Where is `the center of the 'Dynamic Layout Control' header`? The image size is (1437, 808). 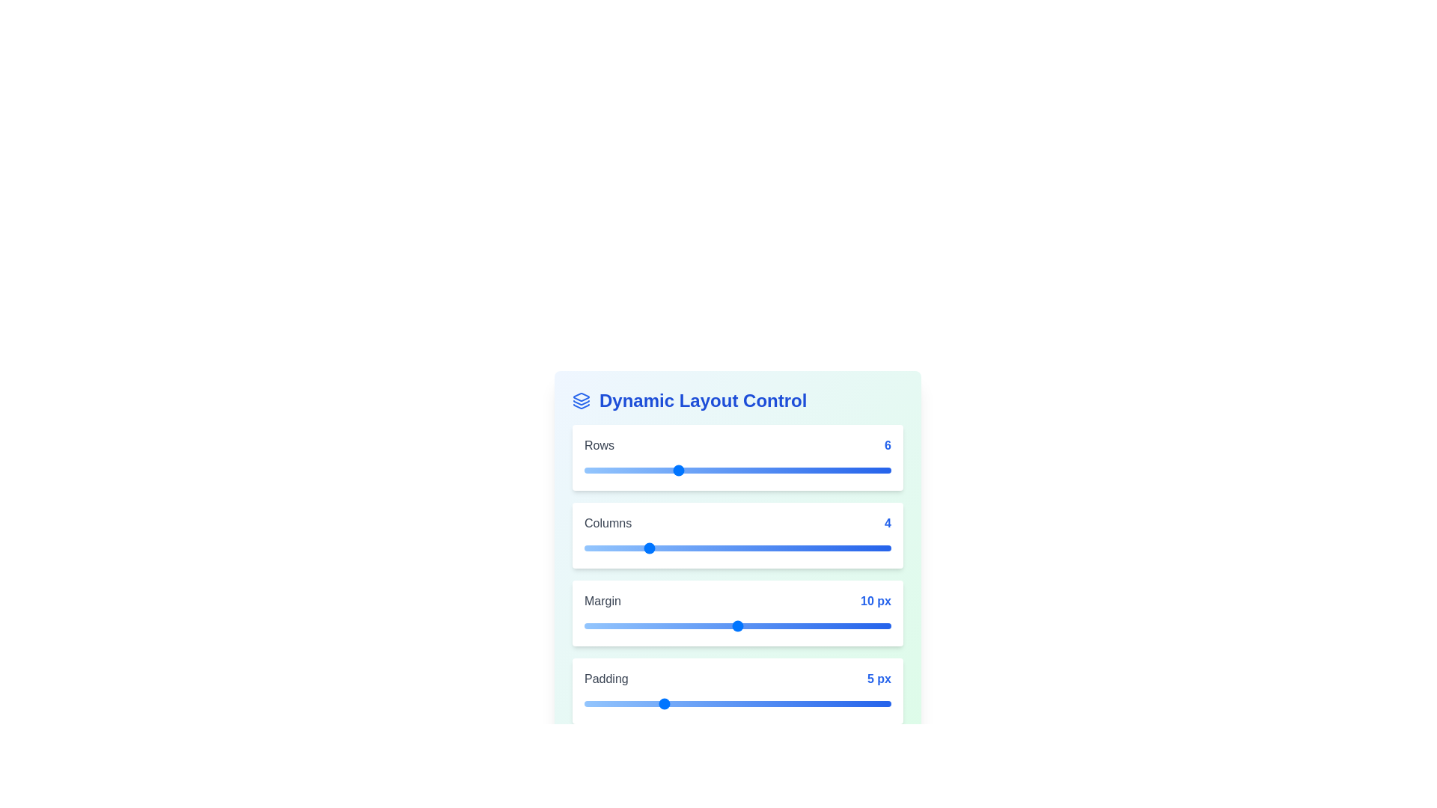 the center of the 'Dynamic Layout Control' header is located at coordinates (737, 400).